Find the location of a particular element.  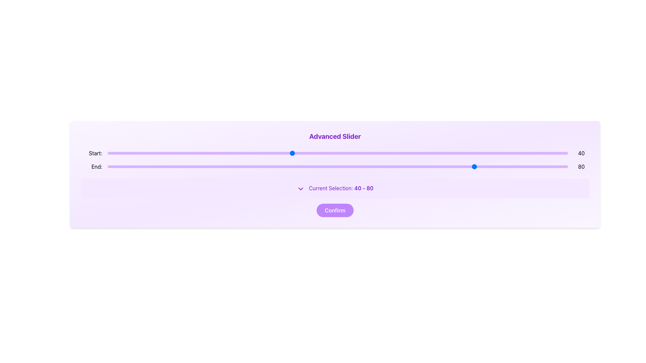

the slider value is located at coordinates (245, 166).